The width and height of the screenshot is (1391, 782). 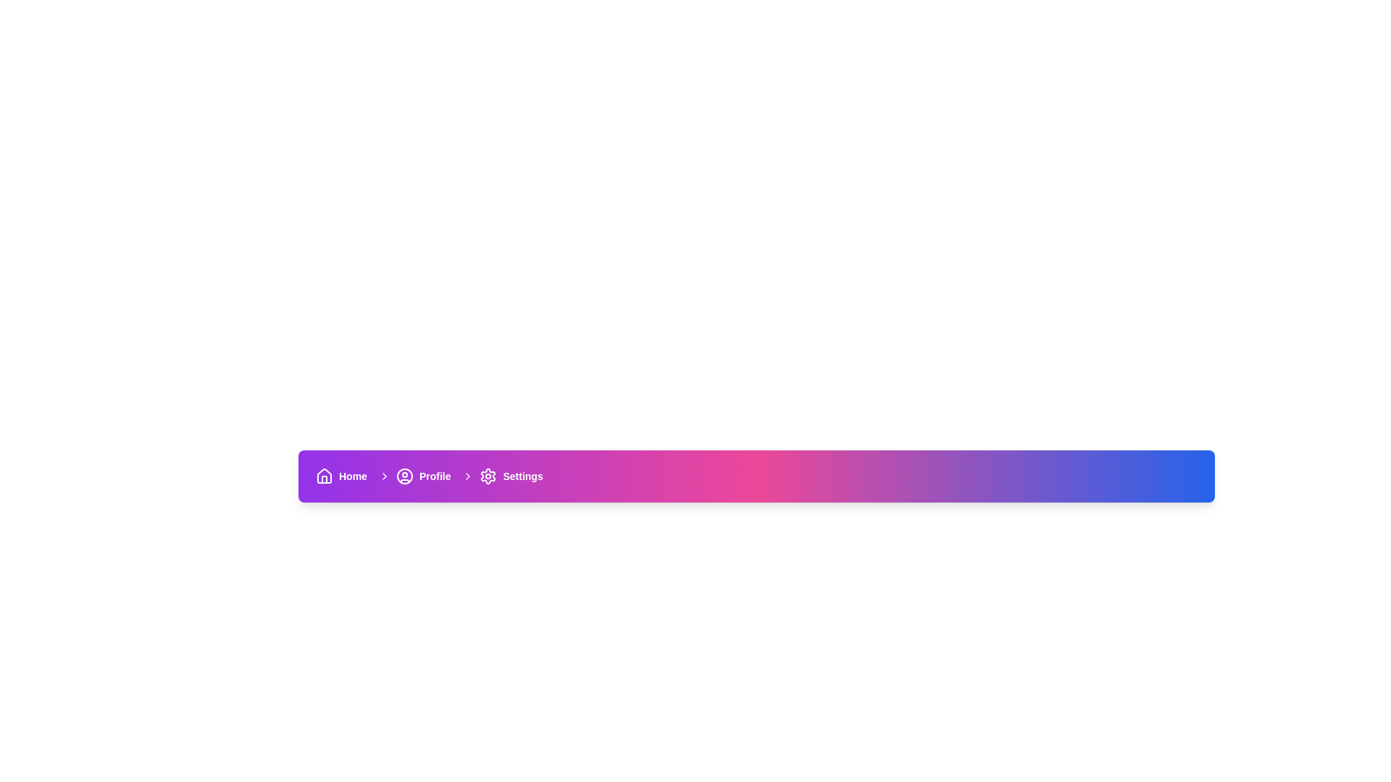 I want to click on the third Interactive navigation link in the navigation bar, so click(x=503, y=476).